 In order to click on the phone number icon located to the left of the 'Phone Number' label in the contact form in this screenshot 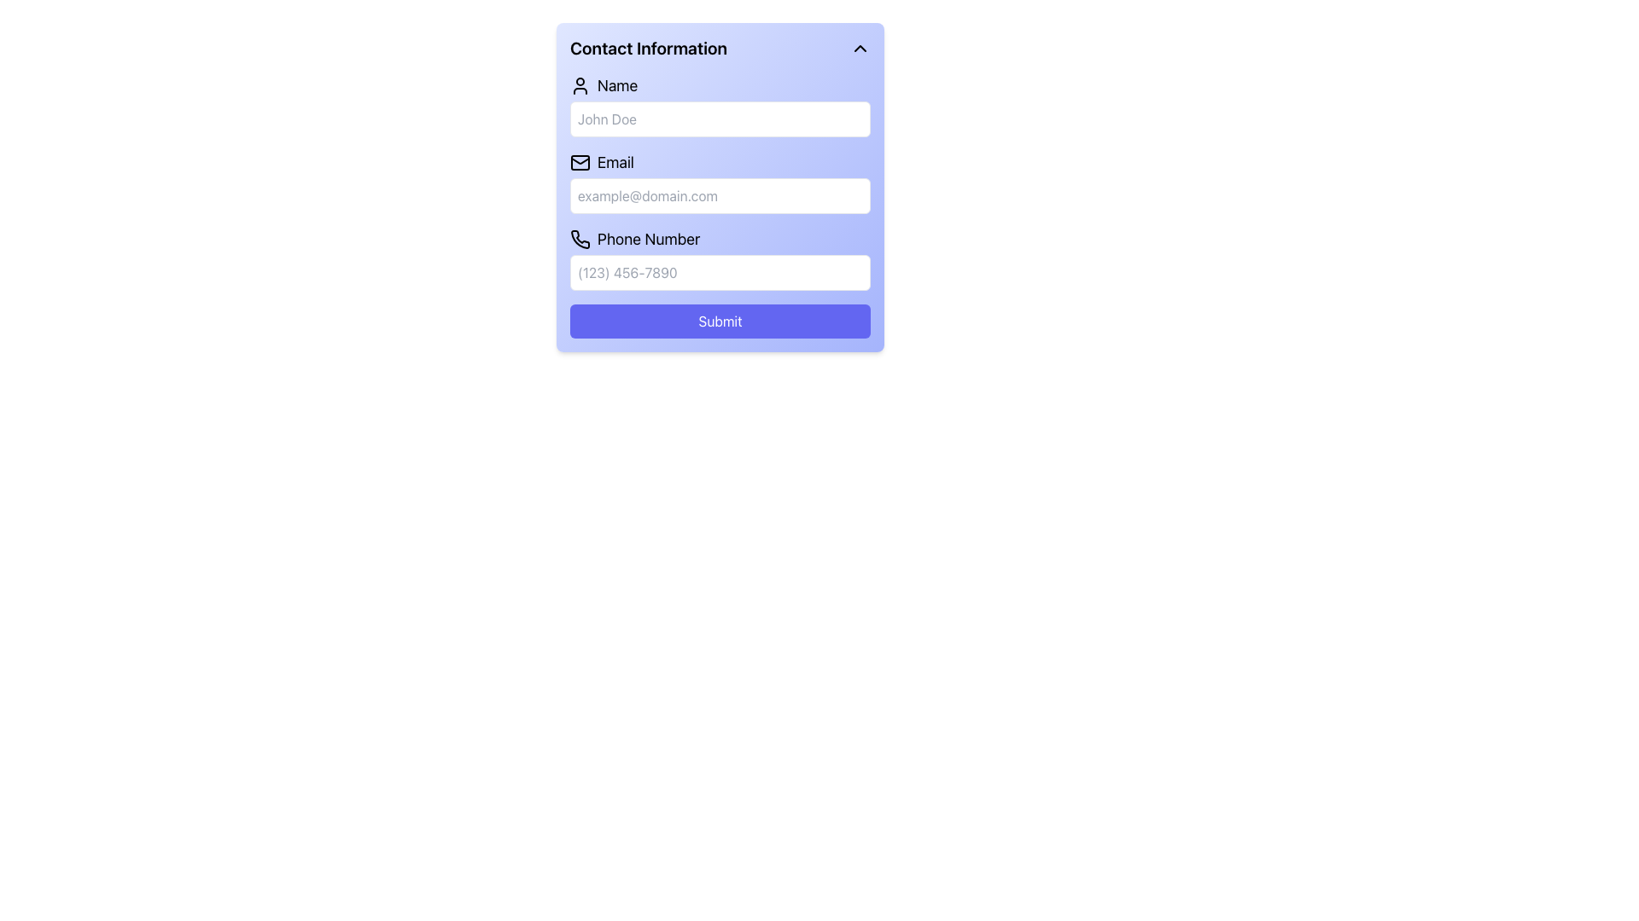, I will do `click(580, 240)`.